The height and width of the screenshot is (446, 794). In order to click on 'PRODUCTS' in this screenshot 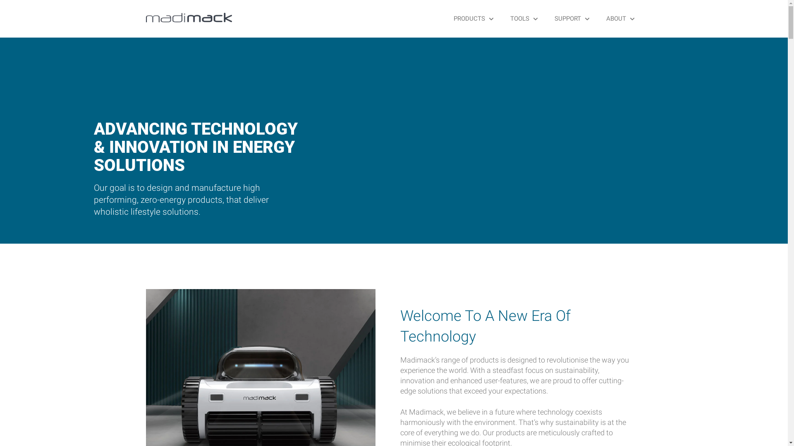, I will do `click(469, 19)`.